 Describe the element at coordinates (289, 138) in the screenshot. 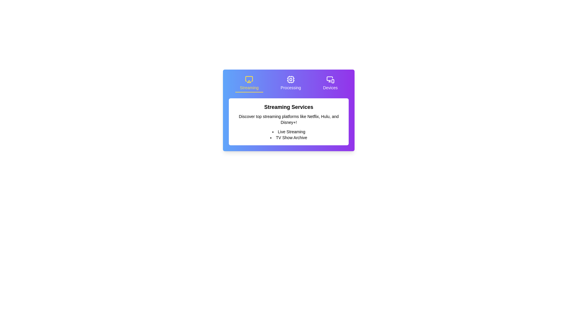

I see `the text item labeled 'TV Show Archive' in the 'Streaming Services' section` at that location.